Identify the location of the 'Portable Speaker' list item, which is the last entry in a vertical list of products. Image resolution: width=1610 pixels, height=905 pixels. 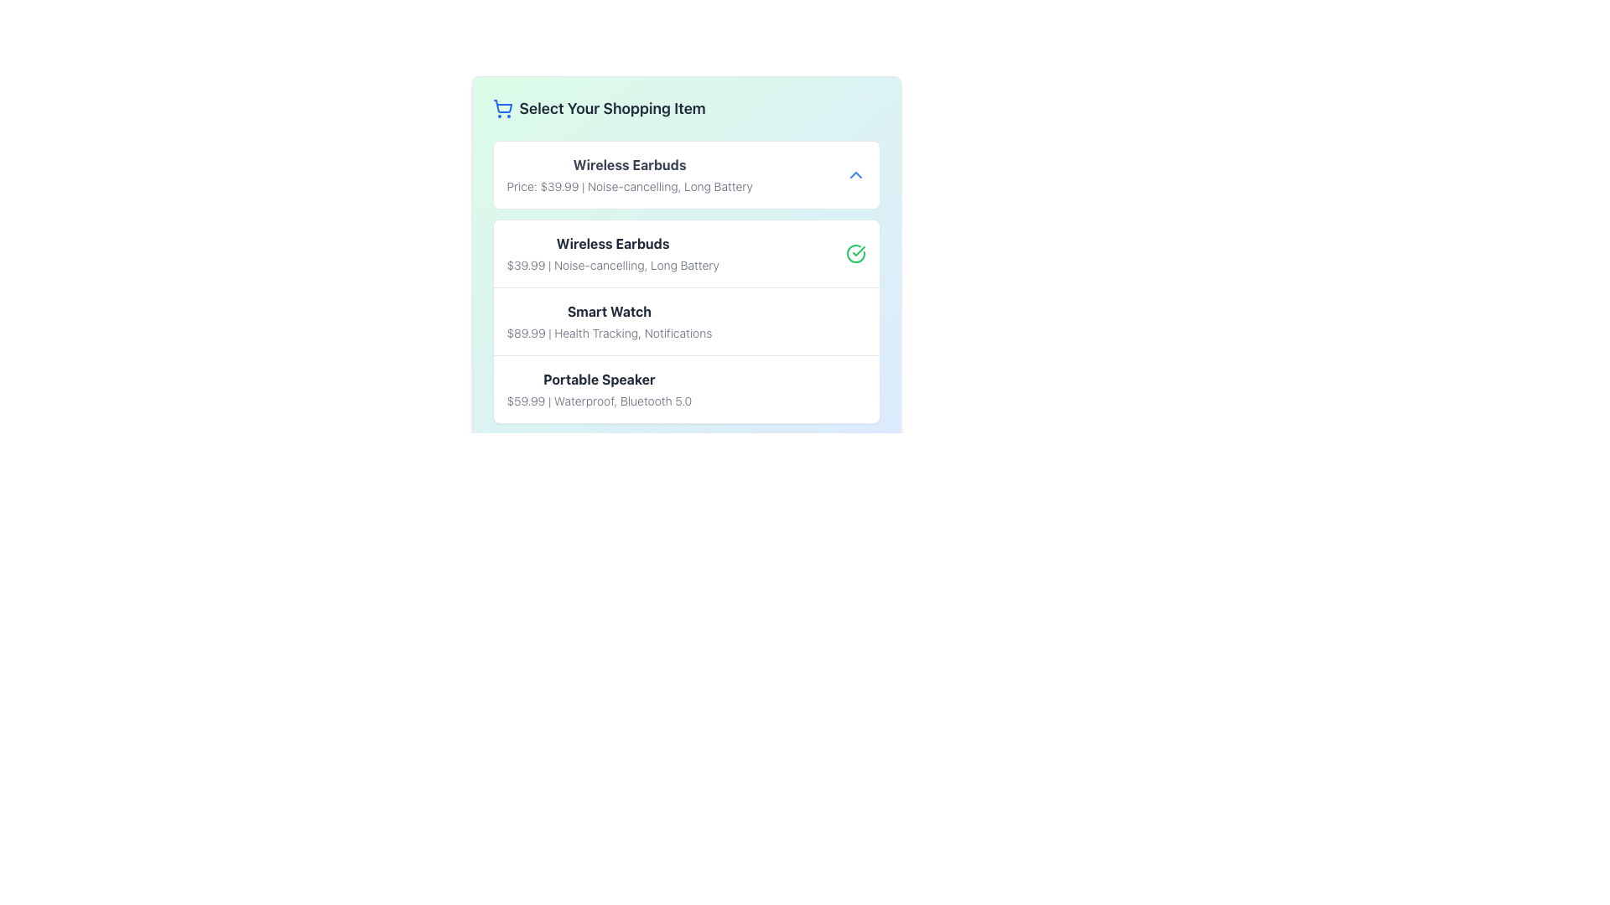
(686, 389).